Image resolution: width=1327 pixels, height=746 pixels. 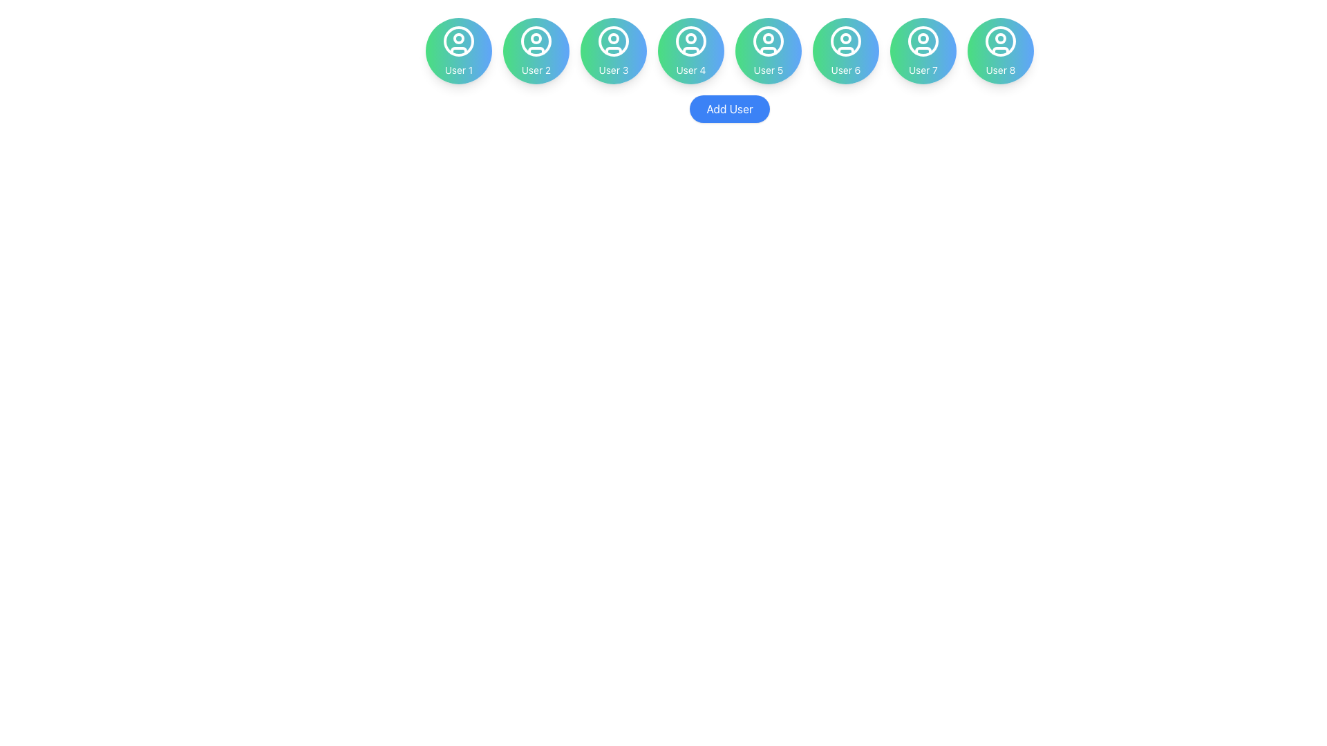 What do you see at coordinates (923, 70) in the screenshot?
I see `the user` at bounding box center [923, 70].